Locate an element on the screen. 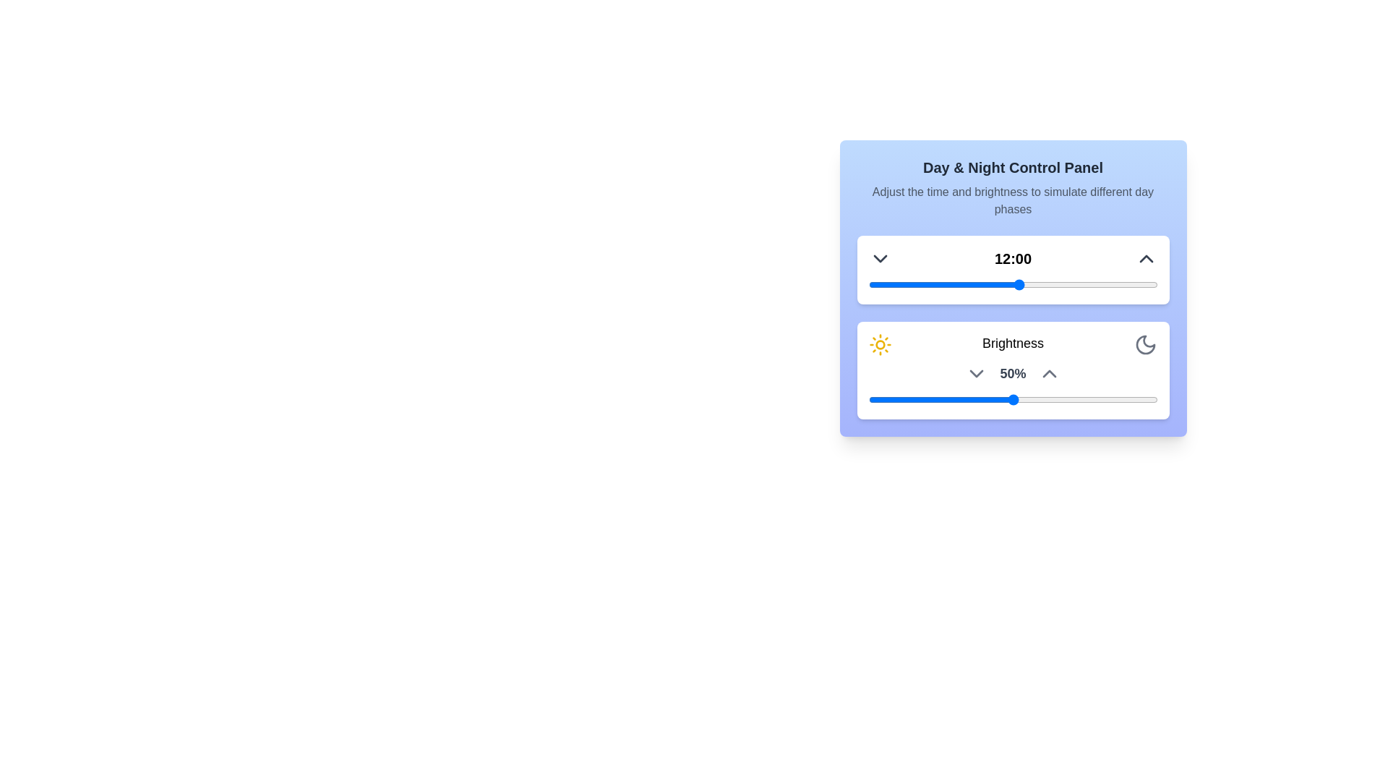 This screenshot has width=1388, height=781. the gray crescent moon icon located in the brightness adjustment section is located at coordinates (1145, 345).